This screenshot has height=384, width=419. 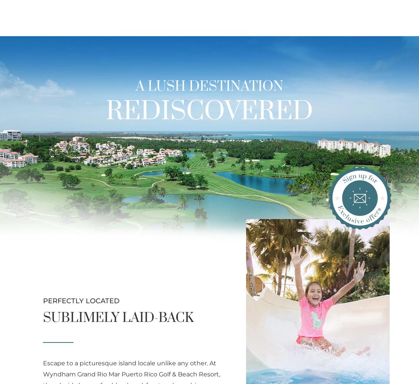 I want to click on 'Golf Webcam', so click(x=233, y=4).